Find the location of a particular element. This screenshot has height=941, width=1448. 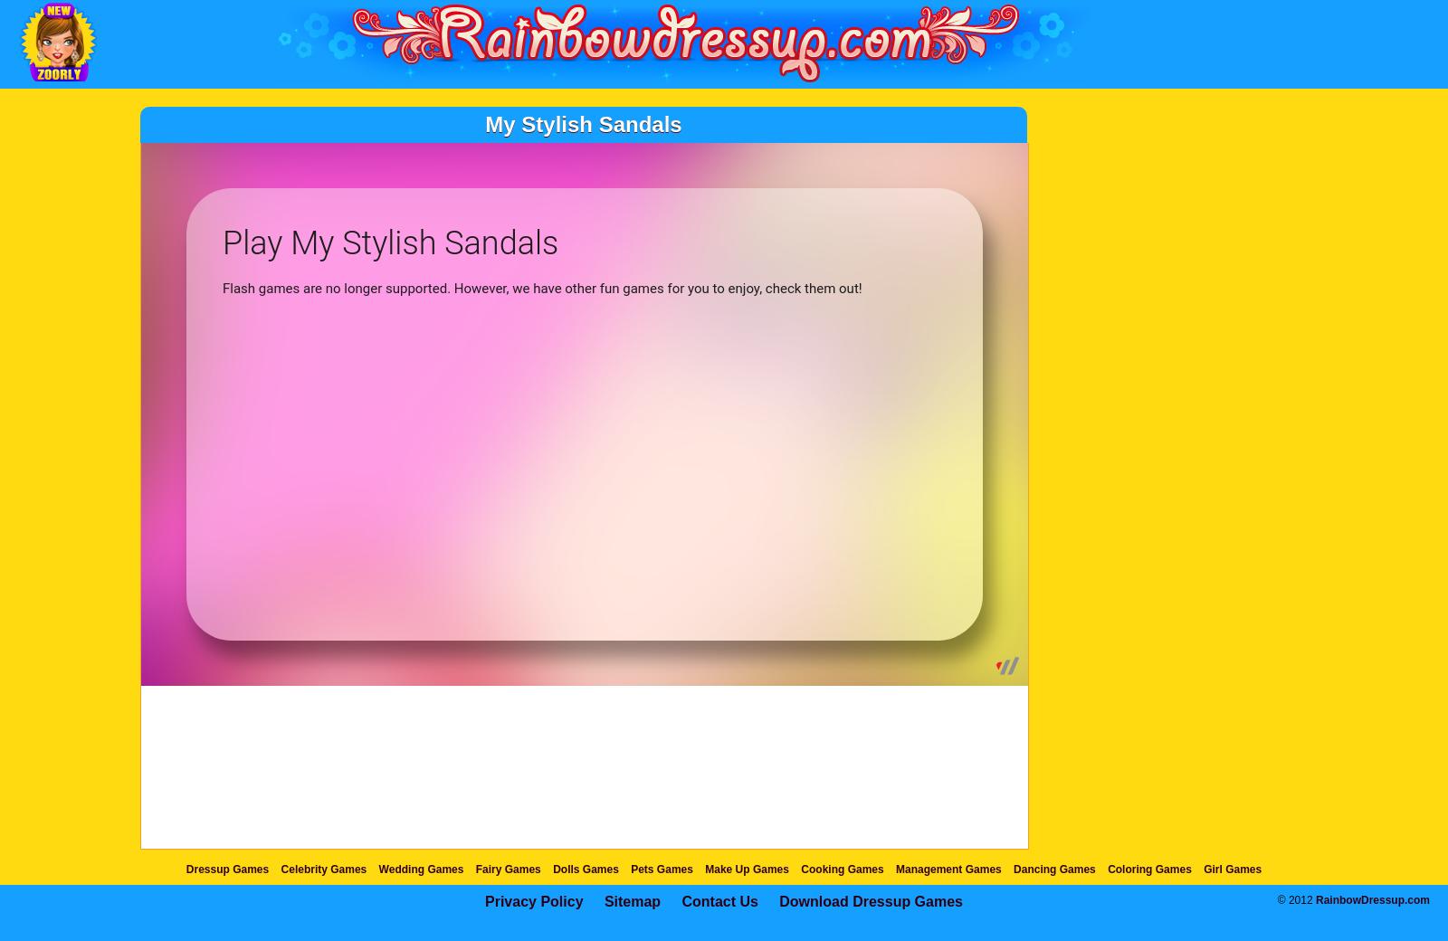

'Coloring Games' is located at coordinates (1148, 869).